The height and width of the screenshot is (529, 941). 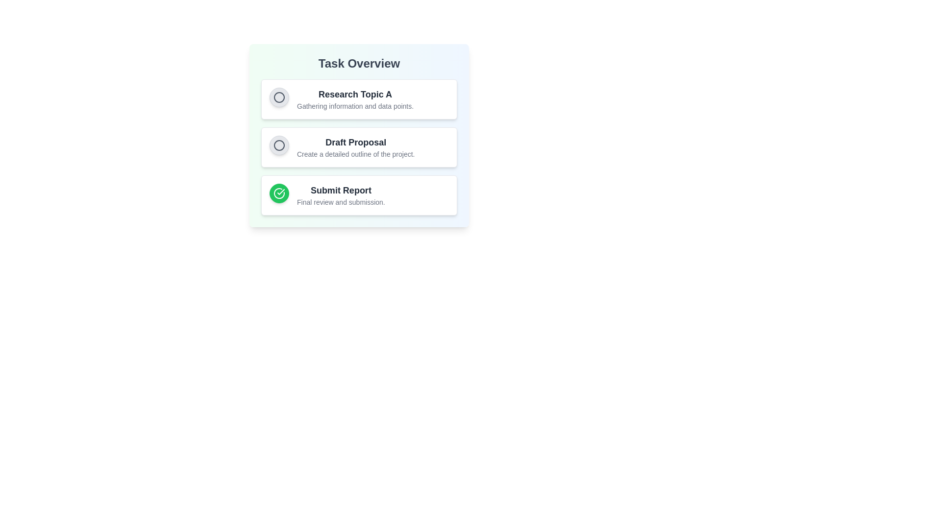 What do you see at coordinates (355, 154) in the screenshot?
I see `the text element providing additional context for the task 'Draft Proposal', located below the heading 'Draft Proposal' in the task overview panel` at bounding box center [355, 154].